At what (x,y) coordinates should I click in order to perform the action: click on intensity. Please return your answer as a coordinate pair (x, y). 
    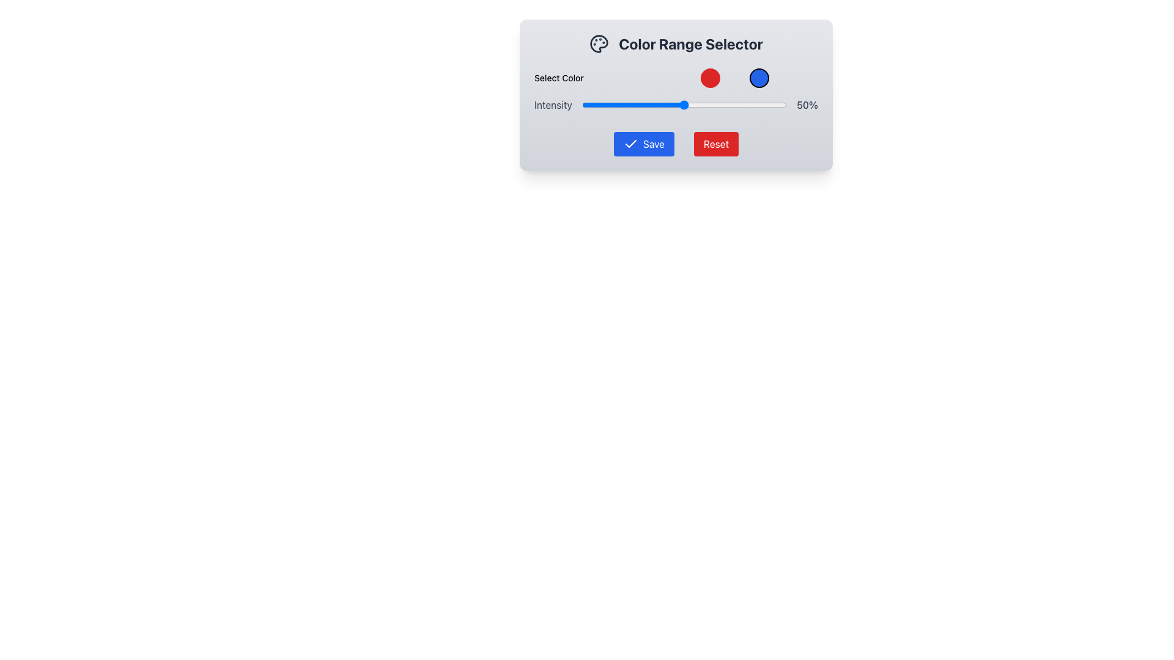
    Looking at the image, I should click on (684, 105).